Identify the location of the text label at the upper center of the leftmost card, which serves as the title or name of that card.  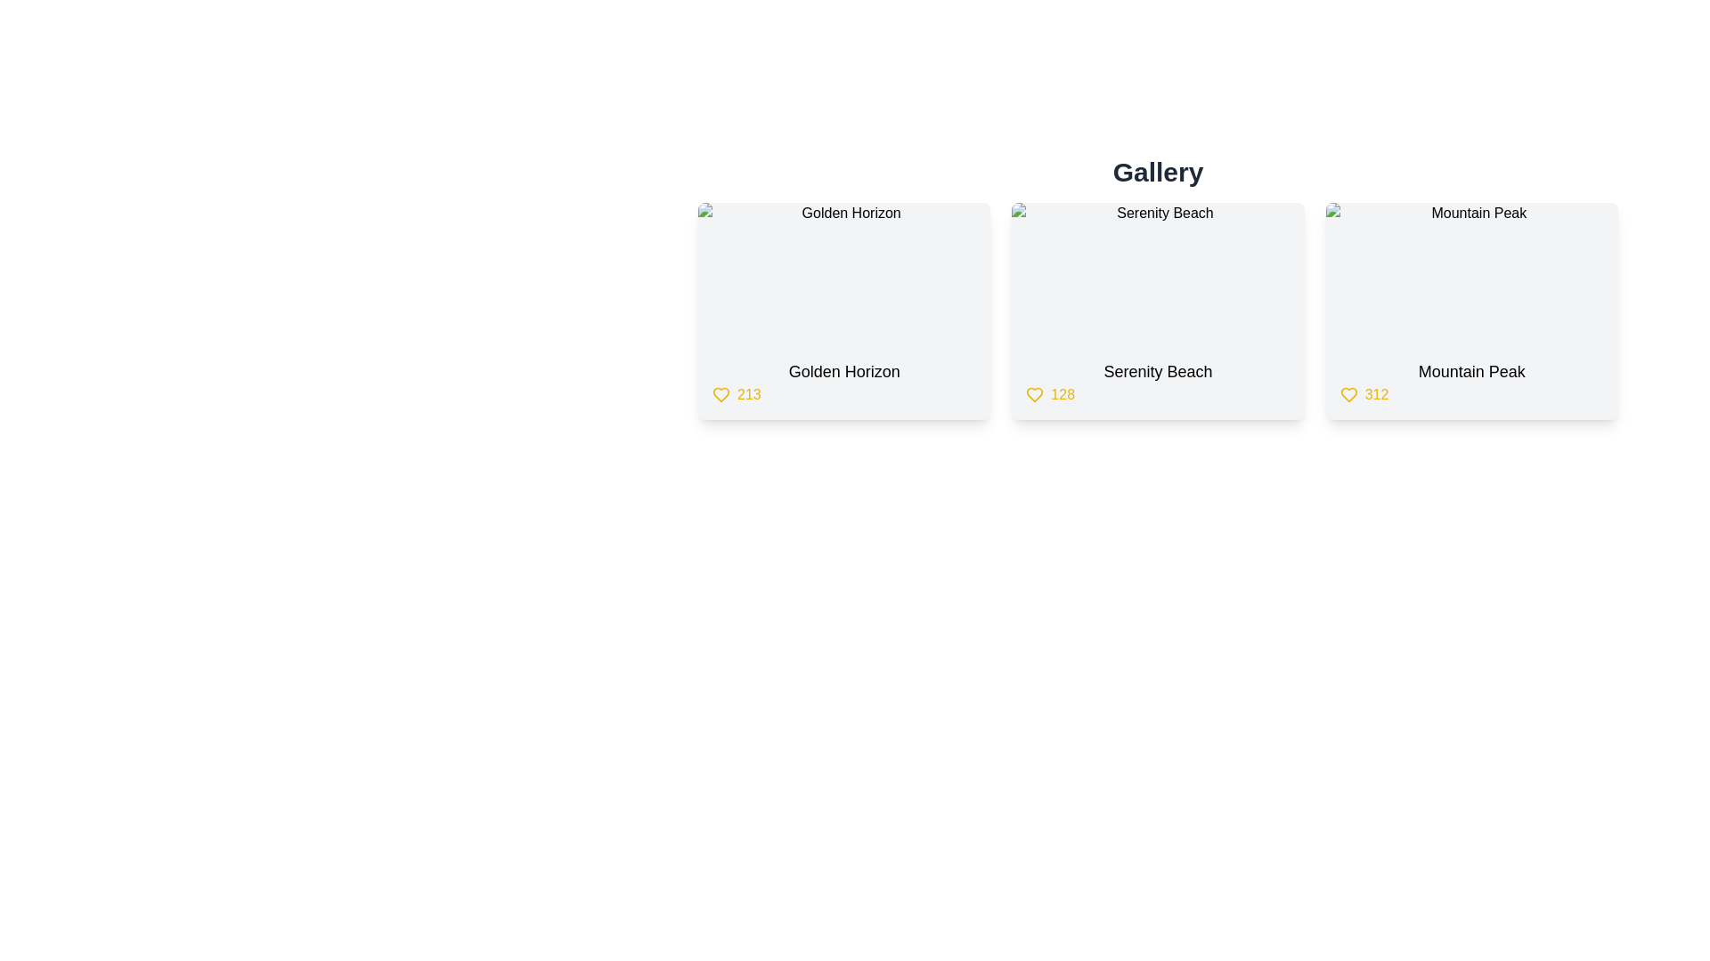
(843, 370).